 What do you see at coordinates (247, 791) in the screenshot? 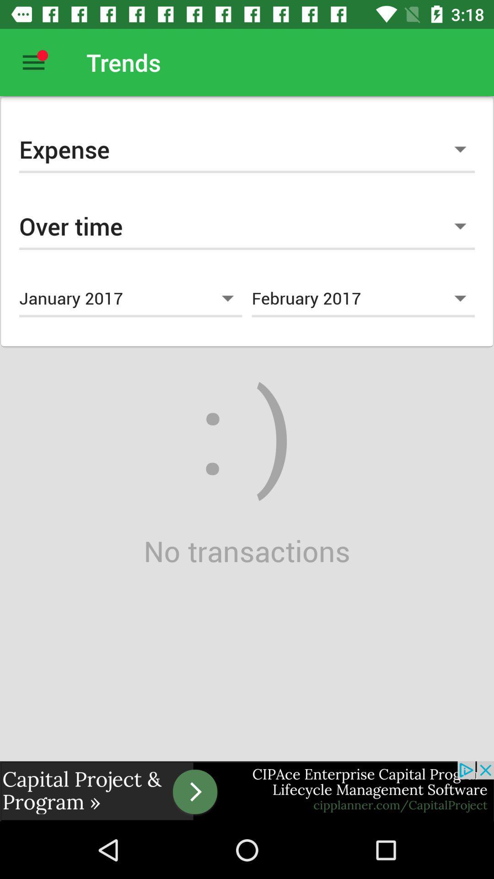
I see `advertisement link` at bounding box center [247, 791].